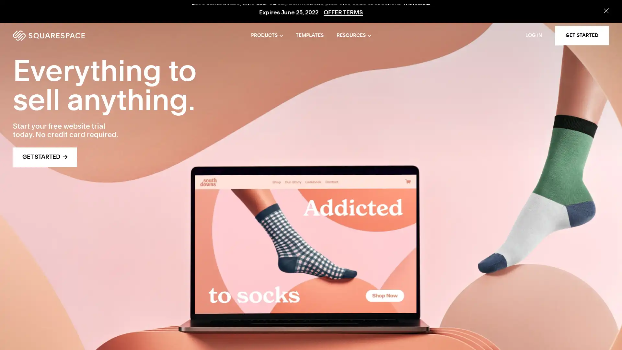 The height and width of the screenshot is (350, 622). Describe the element at coordinates (267, 36) in the screenshot. I see `Products dropdown menu` at that location.